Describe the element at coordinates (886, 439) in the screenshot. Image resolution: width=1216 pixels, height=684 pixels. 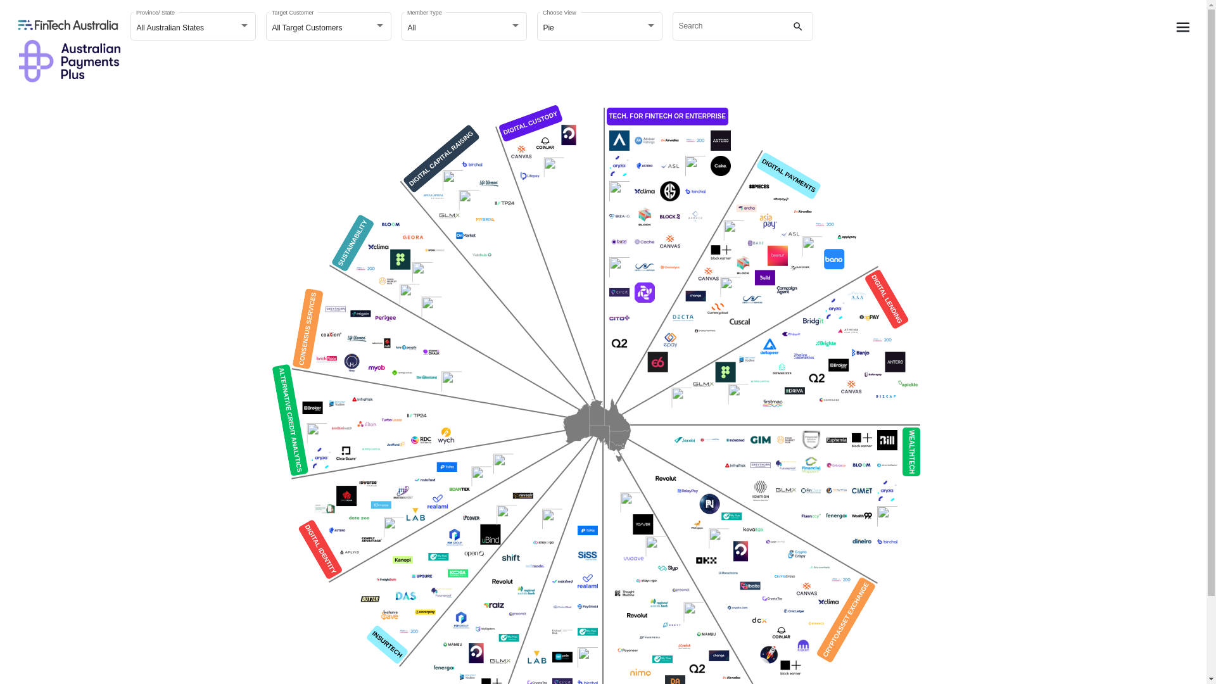
I see `'1Bill'` at that location.